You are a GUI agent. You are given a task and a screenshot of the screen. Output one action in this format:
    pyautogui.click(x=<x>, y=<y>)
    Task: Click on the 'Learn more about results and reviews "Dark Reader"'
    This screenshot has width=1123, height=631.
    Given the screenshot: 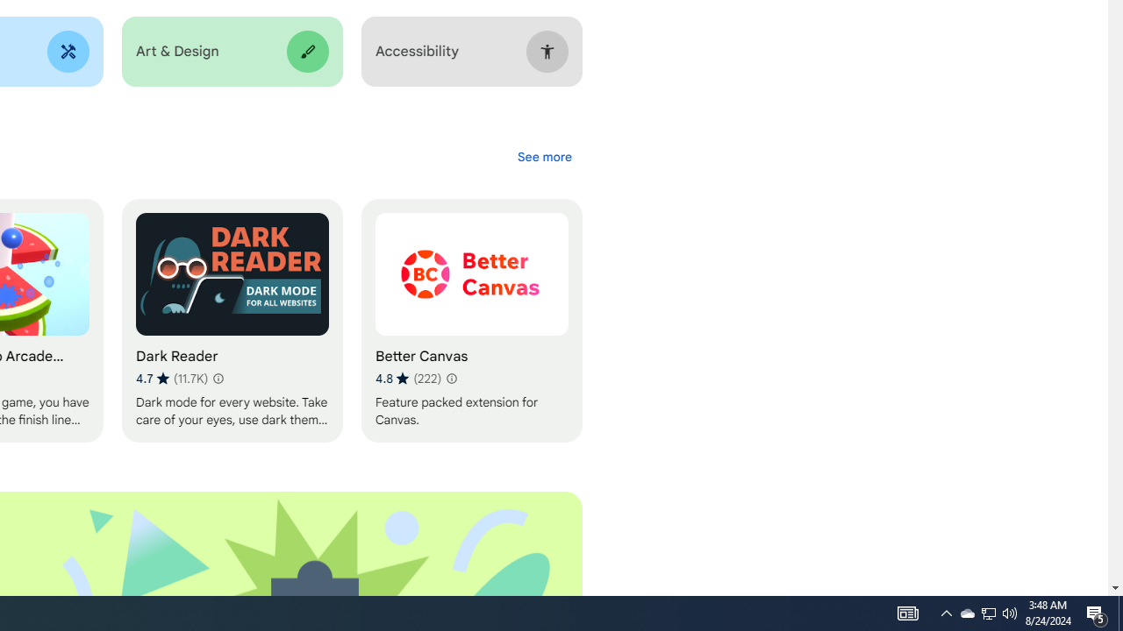 What is the action you would take?
    pyautogui.click(x=216, y=378)
    